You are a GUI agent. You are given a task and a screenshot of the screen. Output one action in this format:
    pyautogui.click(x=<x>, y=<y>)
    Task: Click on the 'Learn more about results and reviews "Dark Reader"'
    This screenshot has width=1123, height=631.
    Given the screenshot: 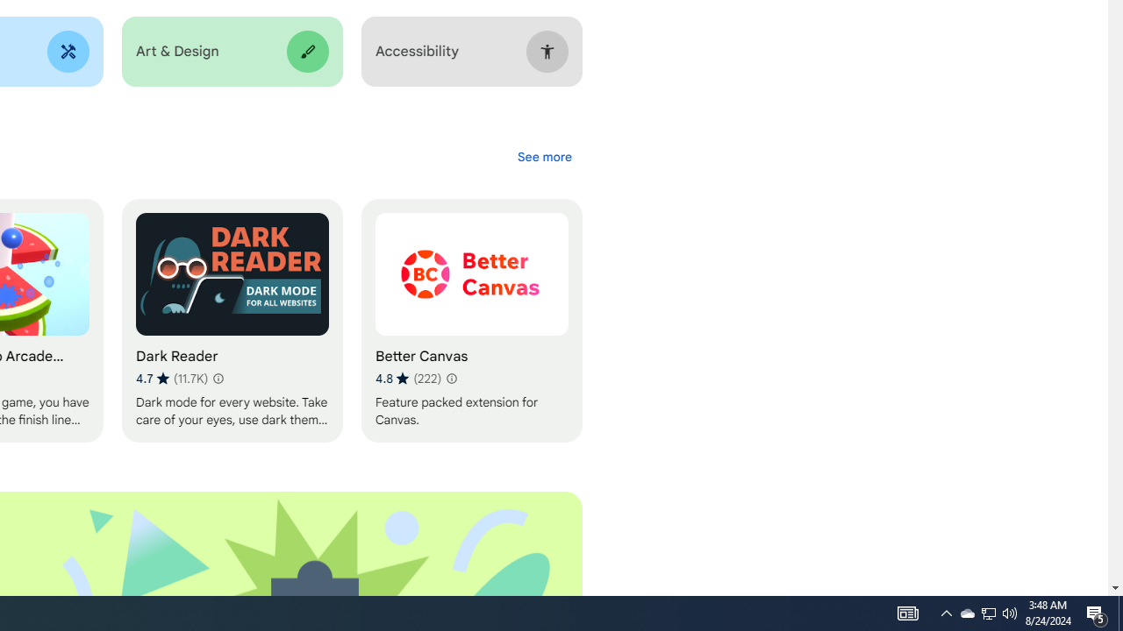 What is the action you would take?
    pyautogui.click(x=216, y=378)
    